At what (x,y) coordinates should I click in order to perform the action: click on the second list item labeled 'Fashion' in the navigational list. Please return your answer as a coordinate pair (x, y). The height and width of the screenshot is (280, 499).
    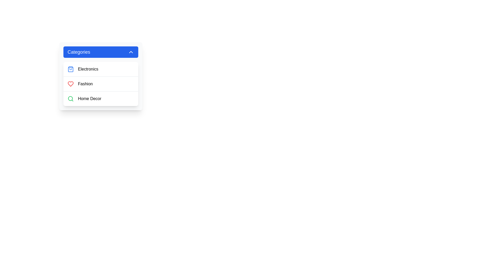
    Looking at the image, I should click on (101, 84).